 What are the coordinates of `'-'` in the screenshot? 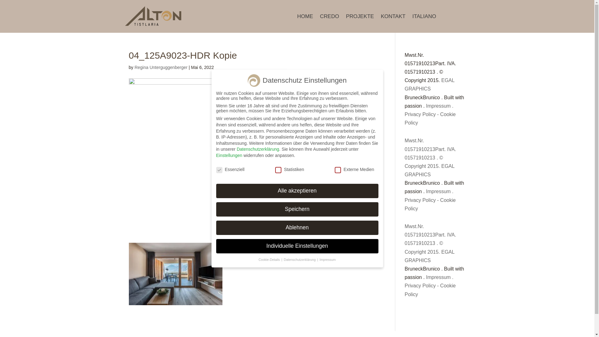 It's located at (437, 114).